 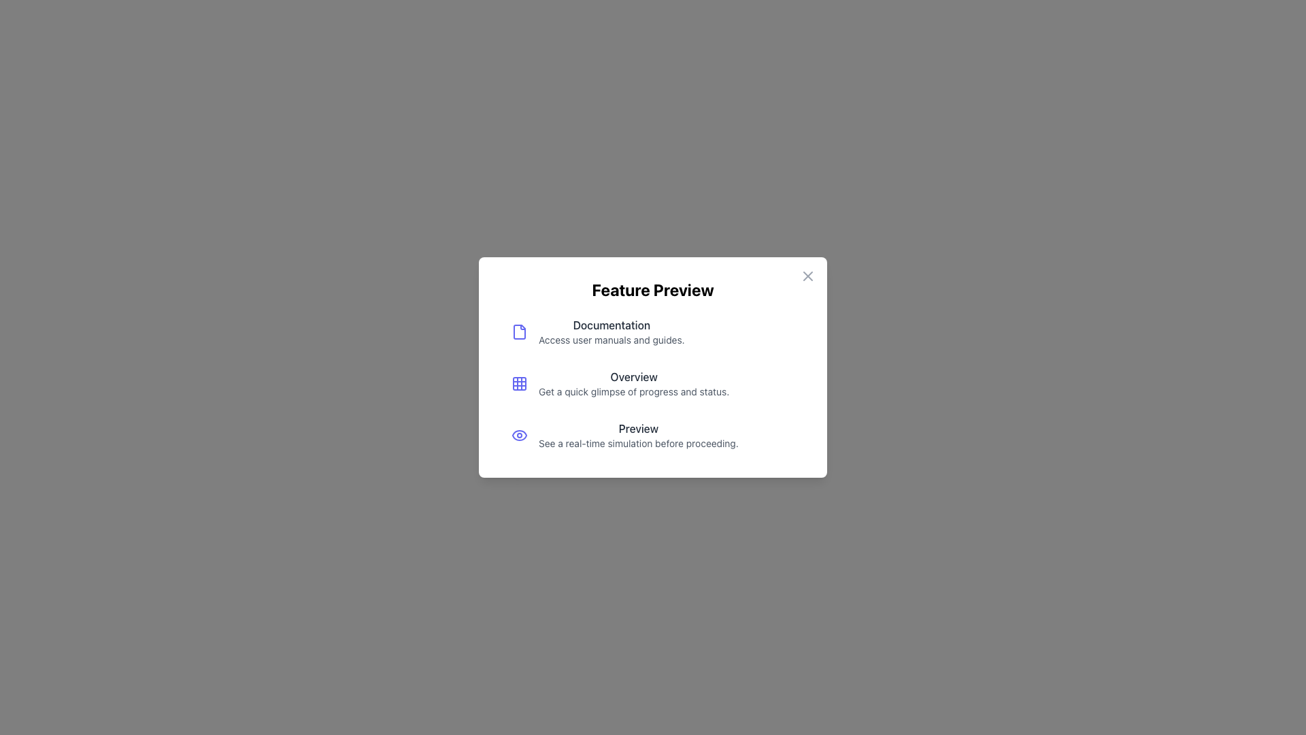 I want to click on the small purple document icon in the 'Feature Preview' modal dialog, so click(x=518, y=332).